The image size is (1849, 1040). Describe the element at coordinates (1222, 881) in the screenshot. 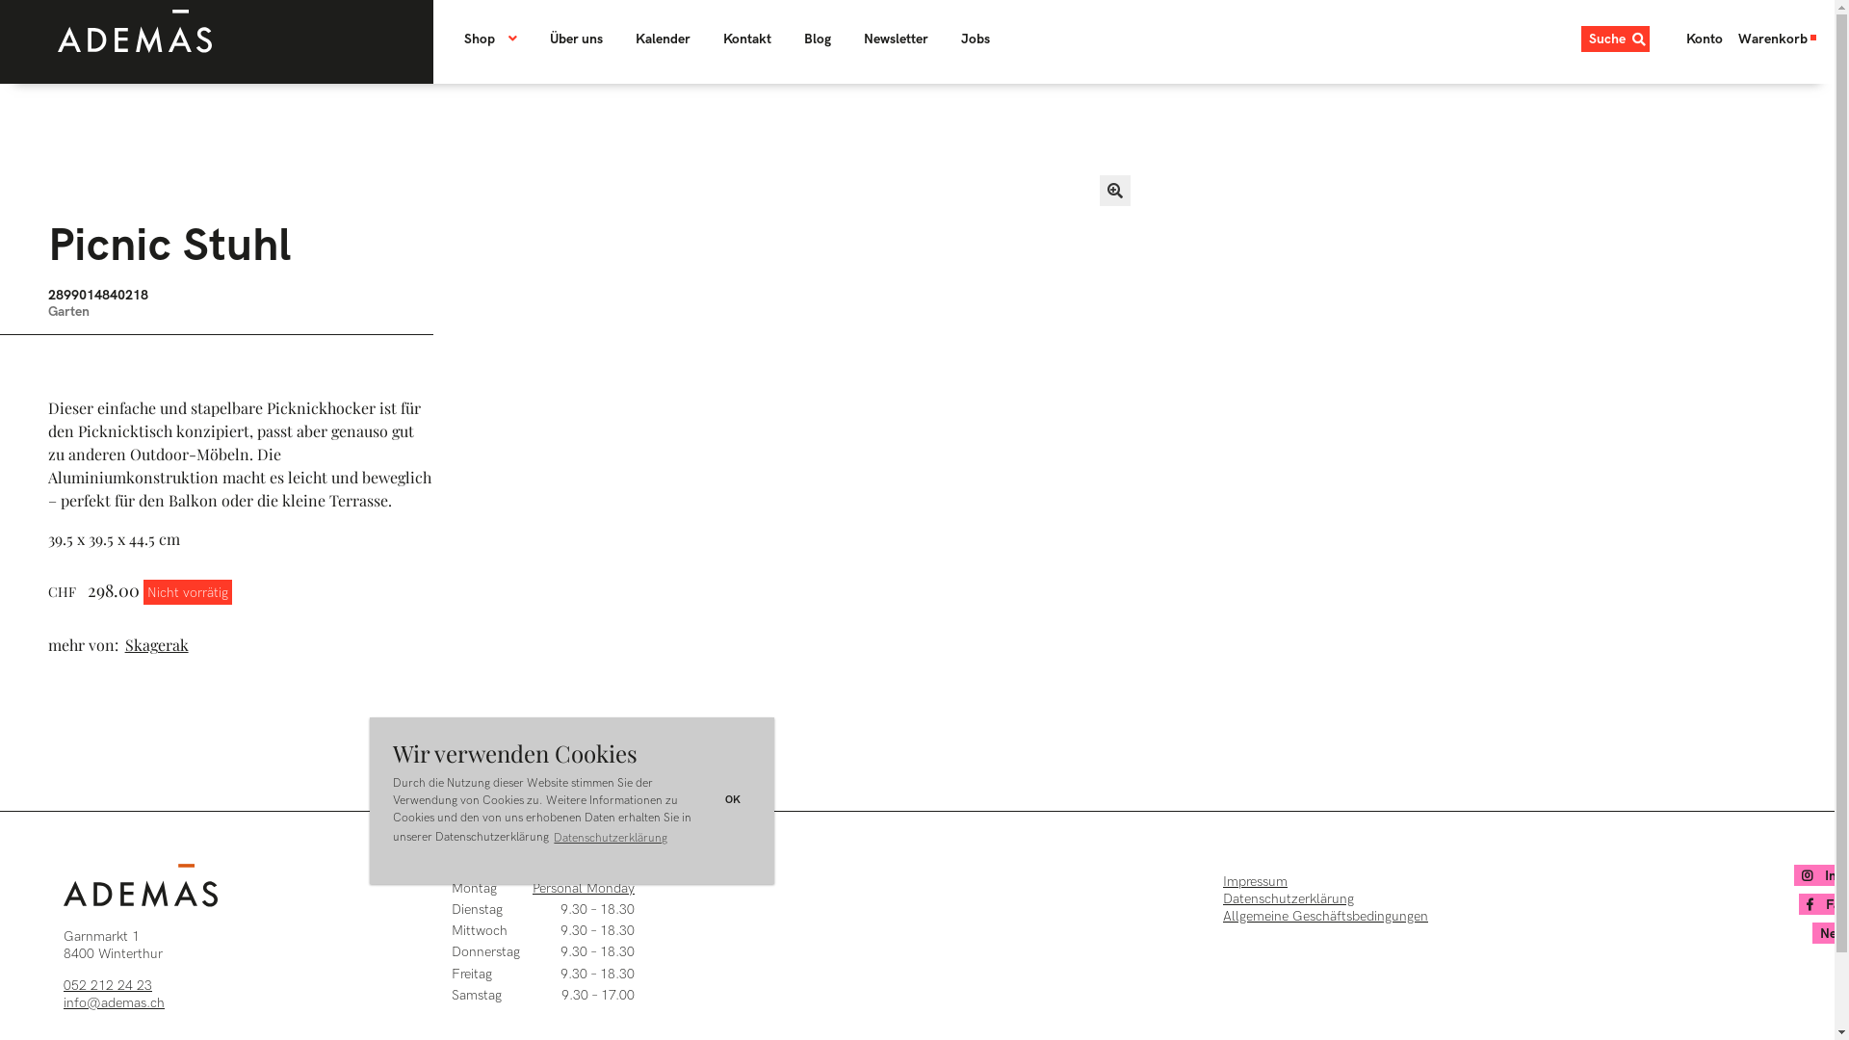

I see `'Impressum'` at that location.